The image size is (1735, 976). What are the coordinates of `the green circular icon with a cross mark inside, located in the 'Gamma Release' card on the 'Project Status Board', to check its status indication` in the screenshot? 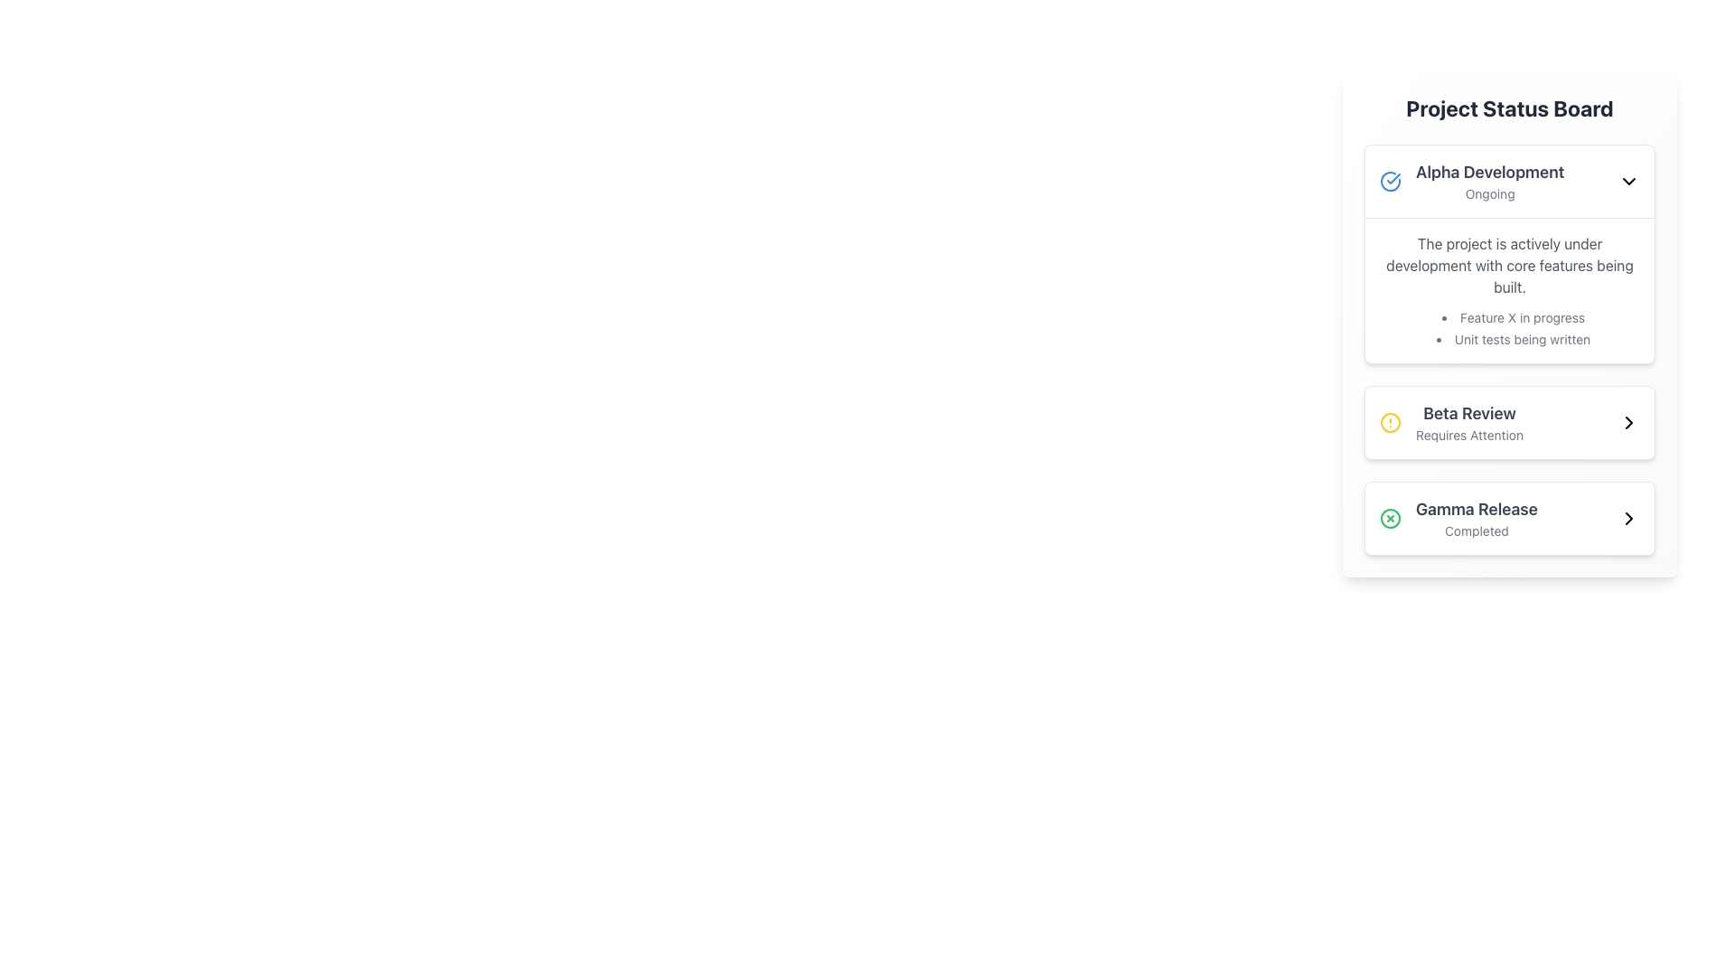 It's located at (1390, 519).